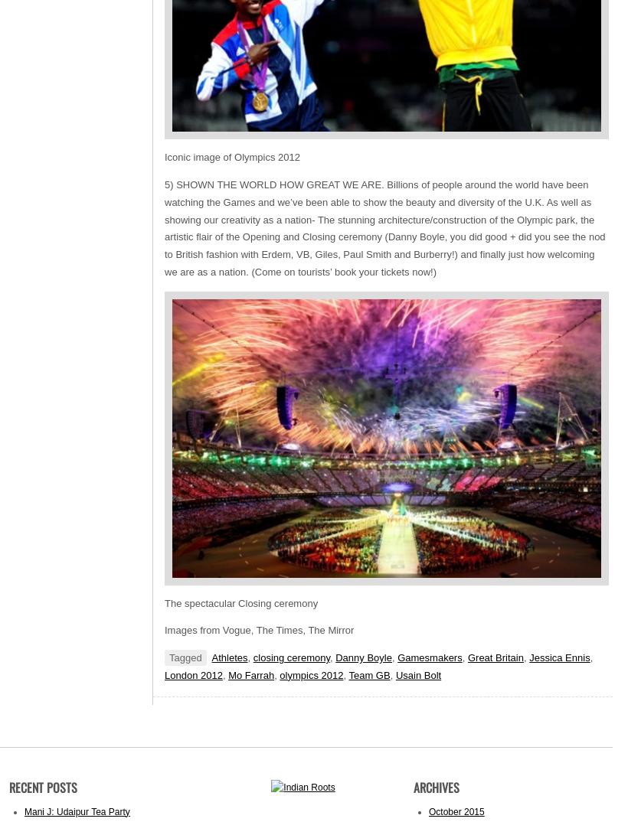 Image resolution: width=628 pixels, height=822 pixels. Describe the element at coordinates (184, 657) in the screenshot. I see `'Tagged'` at that location.